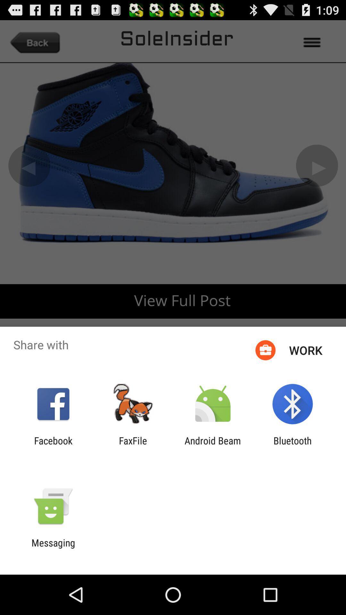 This screenshot has width=346, height=615. What do you see at coordinates (213, 446) in the screenshot?
I see `icon next to bluetooth item` at bounding box center [213, 446].